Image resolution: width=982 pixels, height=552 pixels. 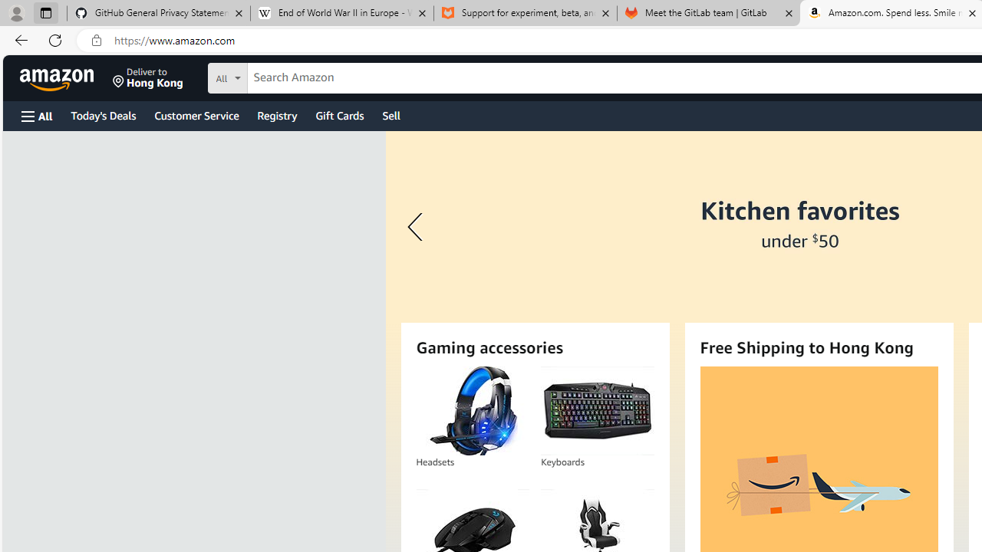 What do you see at coordinates (471, 410) in the screenshot?
I see `'Headsets'` at bounding box center [471, 410].